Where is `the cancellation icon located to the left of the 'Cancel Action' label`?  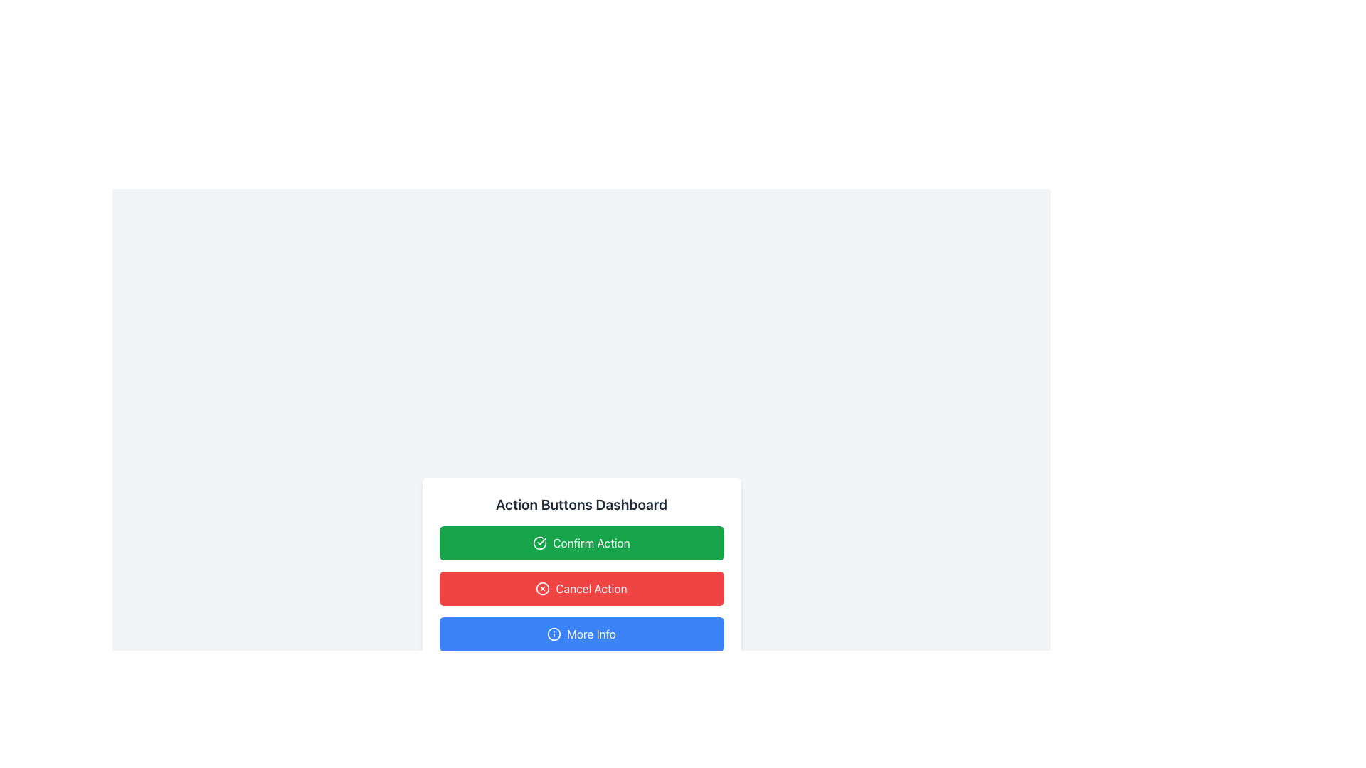 the cancellation icon located to the left of the 'Cancel Action' label is located at coordinates (542, 589).